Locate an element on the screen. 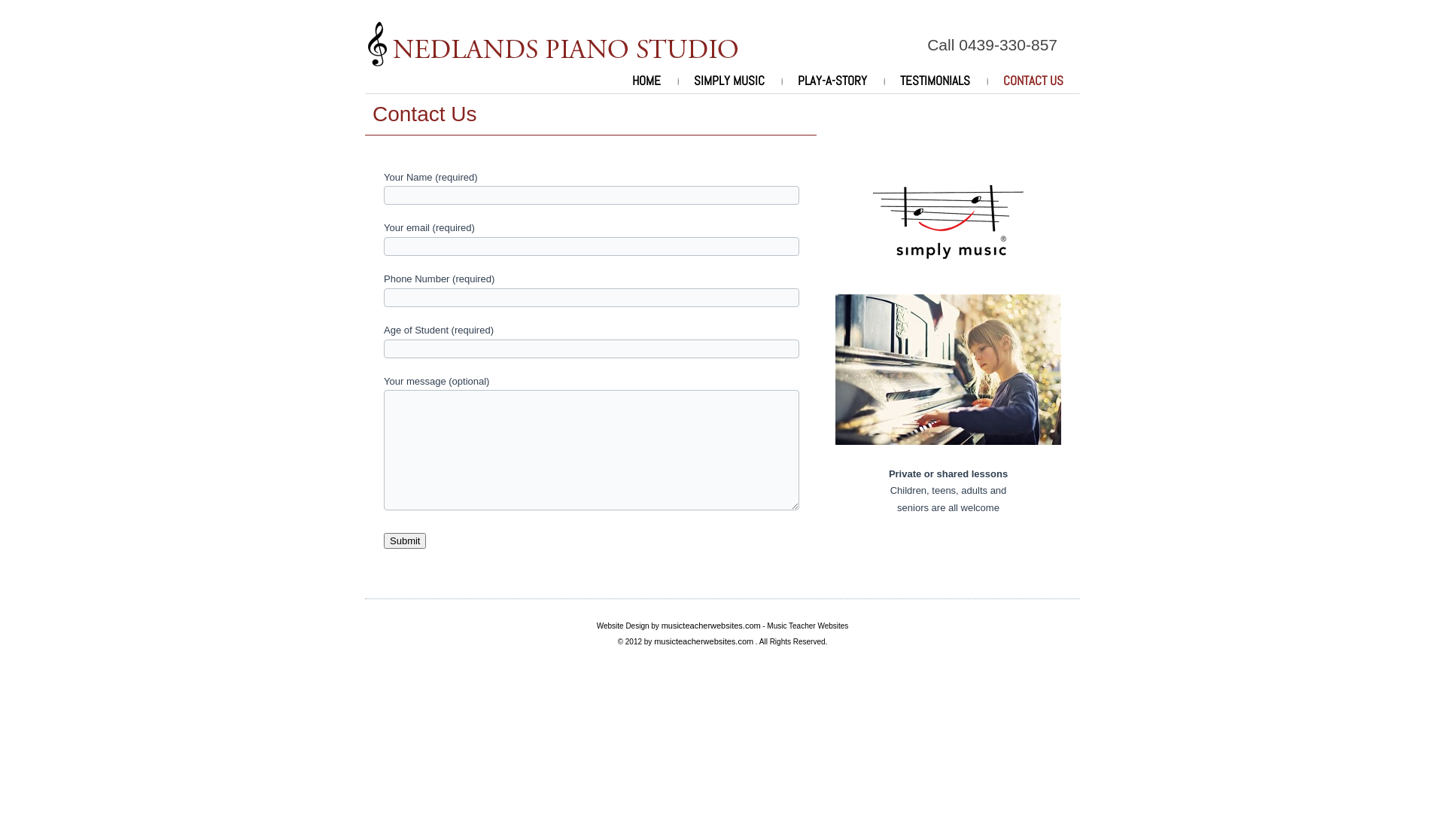  'CONTACT US' is located at coordinates (990, 81).